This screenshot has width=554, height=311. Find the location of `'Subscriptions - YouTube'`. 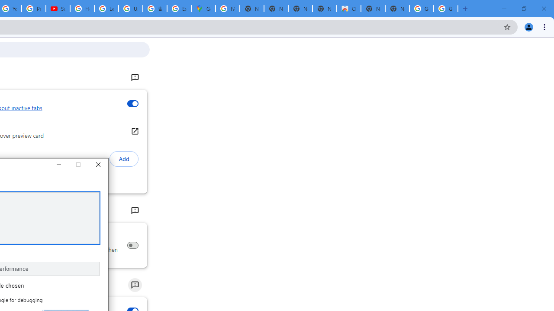

'Subscriptions - YouTube' is located at coordinates (58, 9).